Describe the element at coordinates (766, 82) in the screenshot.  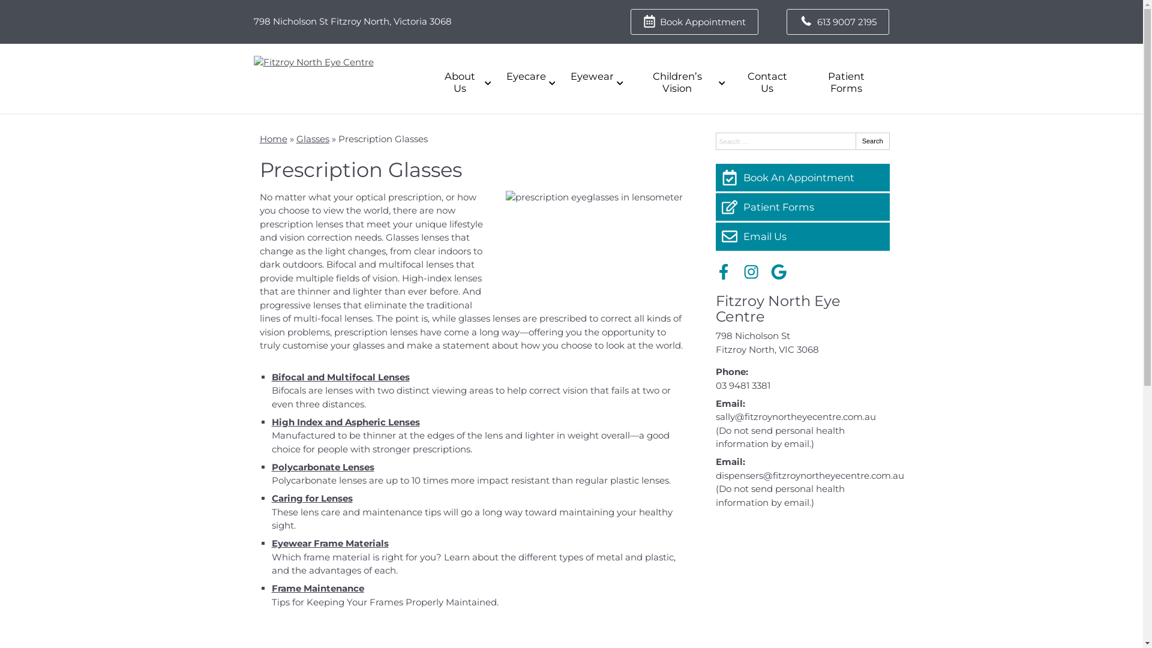
I see `'Contact Us'` at that location.